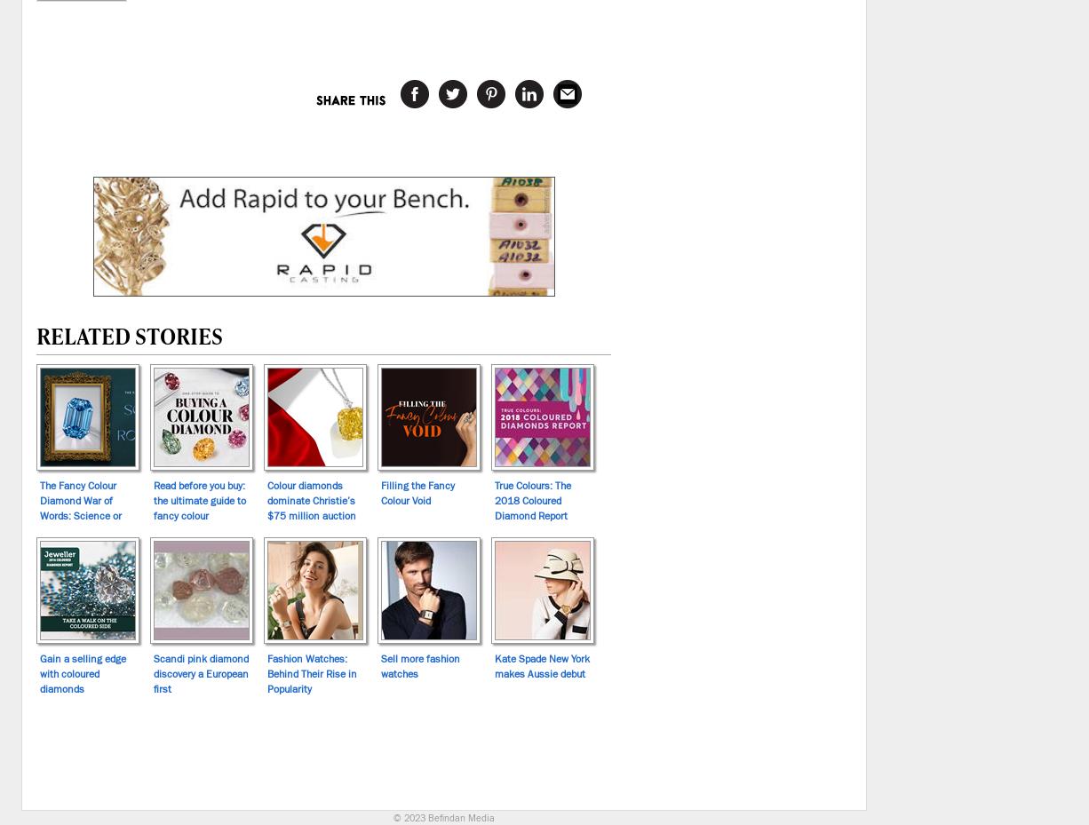  What do you see at coordinates (129, 334) in the screenshot?
I see `'Related Stories'` at bounding box center [129, 334].